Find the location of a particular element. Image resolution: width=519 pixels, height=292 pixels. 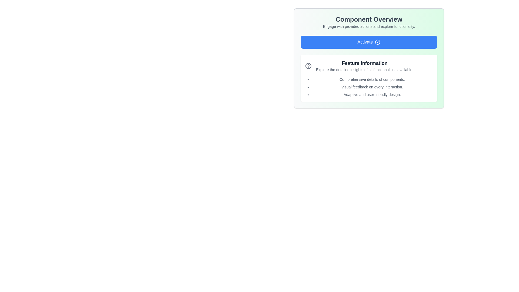

the central circular portion of the help or information icon, which is part of an SVG graphic. This circle is styled with an outline and is prominently positioned within the icon layout is located at coordinates (308, 65).